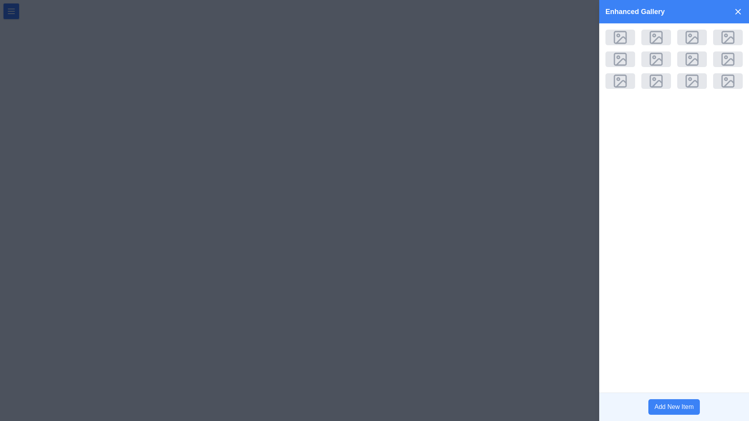 The image size is (749, 421). I want to click on the Image Placeholder, which is the fourth item in the first row of a four-column grid, located towards the top right corner of the interface, so click(692, 37).